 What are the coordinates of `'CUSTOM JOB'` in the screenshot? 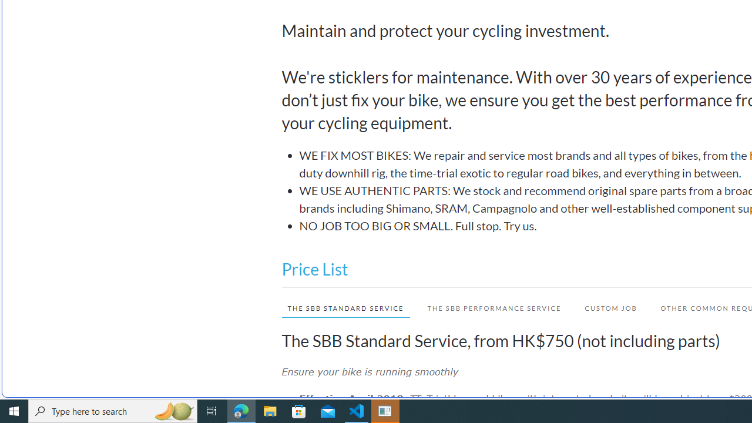 It's located at (611, 307).